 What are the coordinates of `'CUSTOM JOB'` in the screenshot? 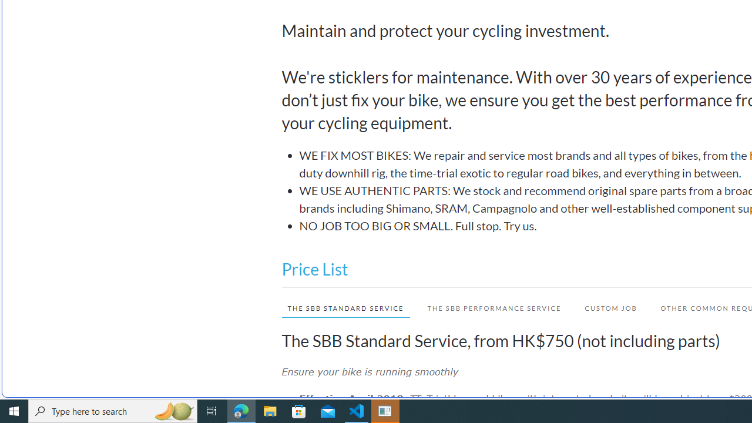 It's located at (611, 307).